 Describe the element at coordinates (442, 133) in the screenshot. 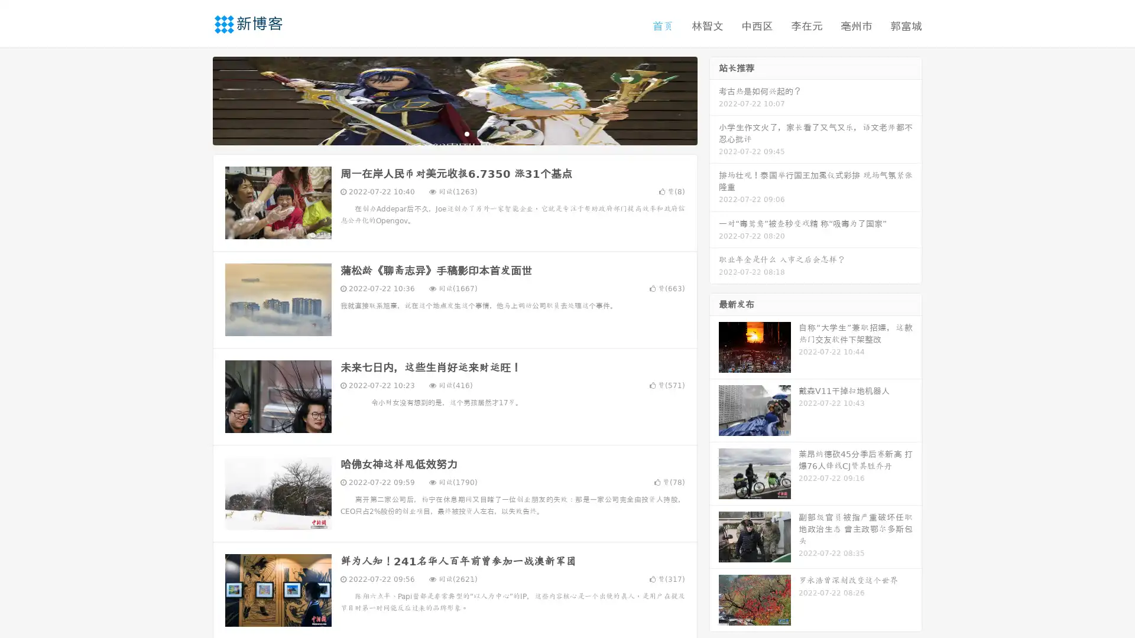

I see `Go to slide 1` at that location.